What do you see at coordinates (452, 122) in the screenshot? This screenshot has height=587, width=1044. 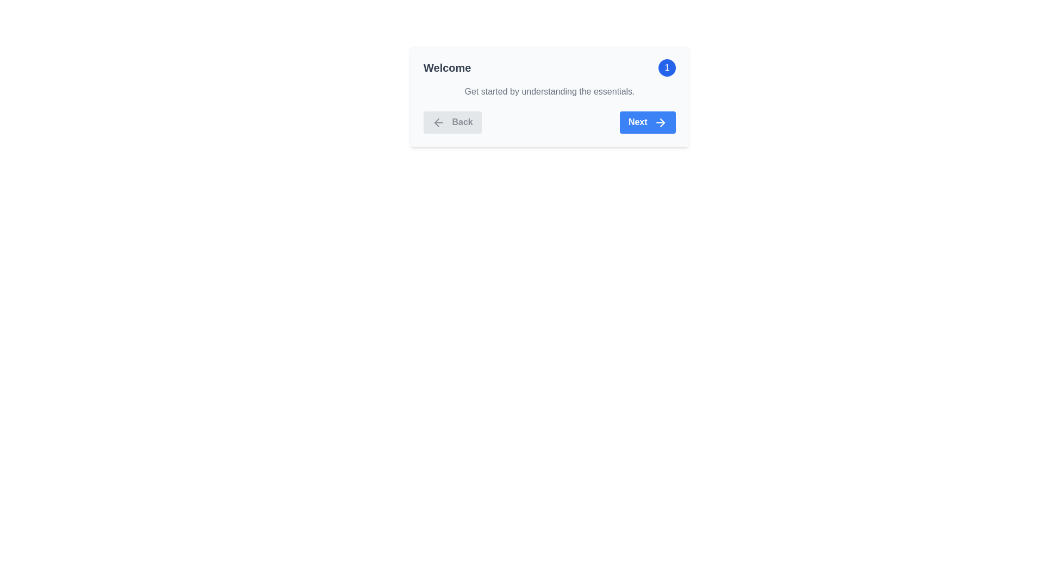 I see `the 'Back' button which is the first button in a horizontal layout, positioned to the left of the 'Next' button` at bounding box center [452, 122].